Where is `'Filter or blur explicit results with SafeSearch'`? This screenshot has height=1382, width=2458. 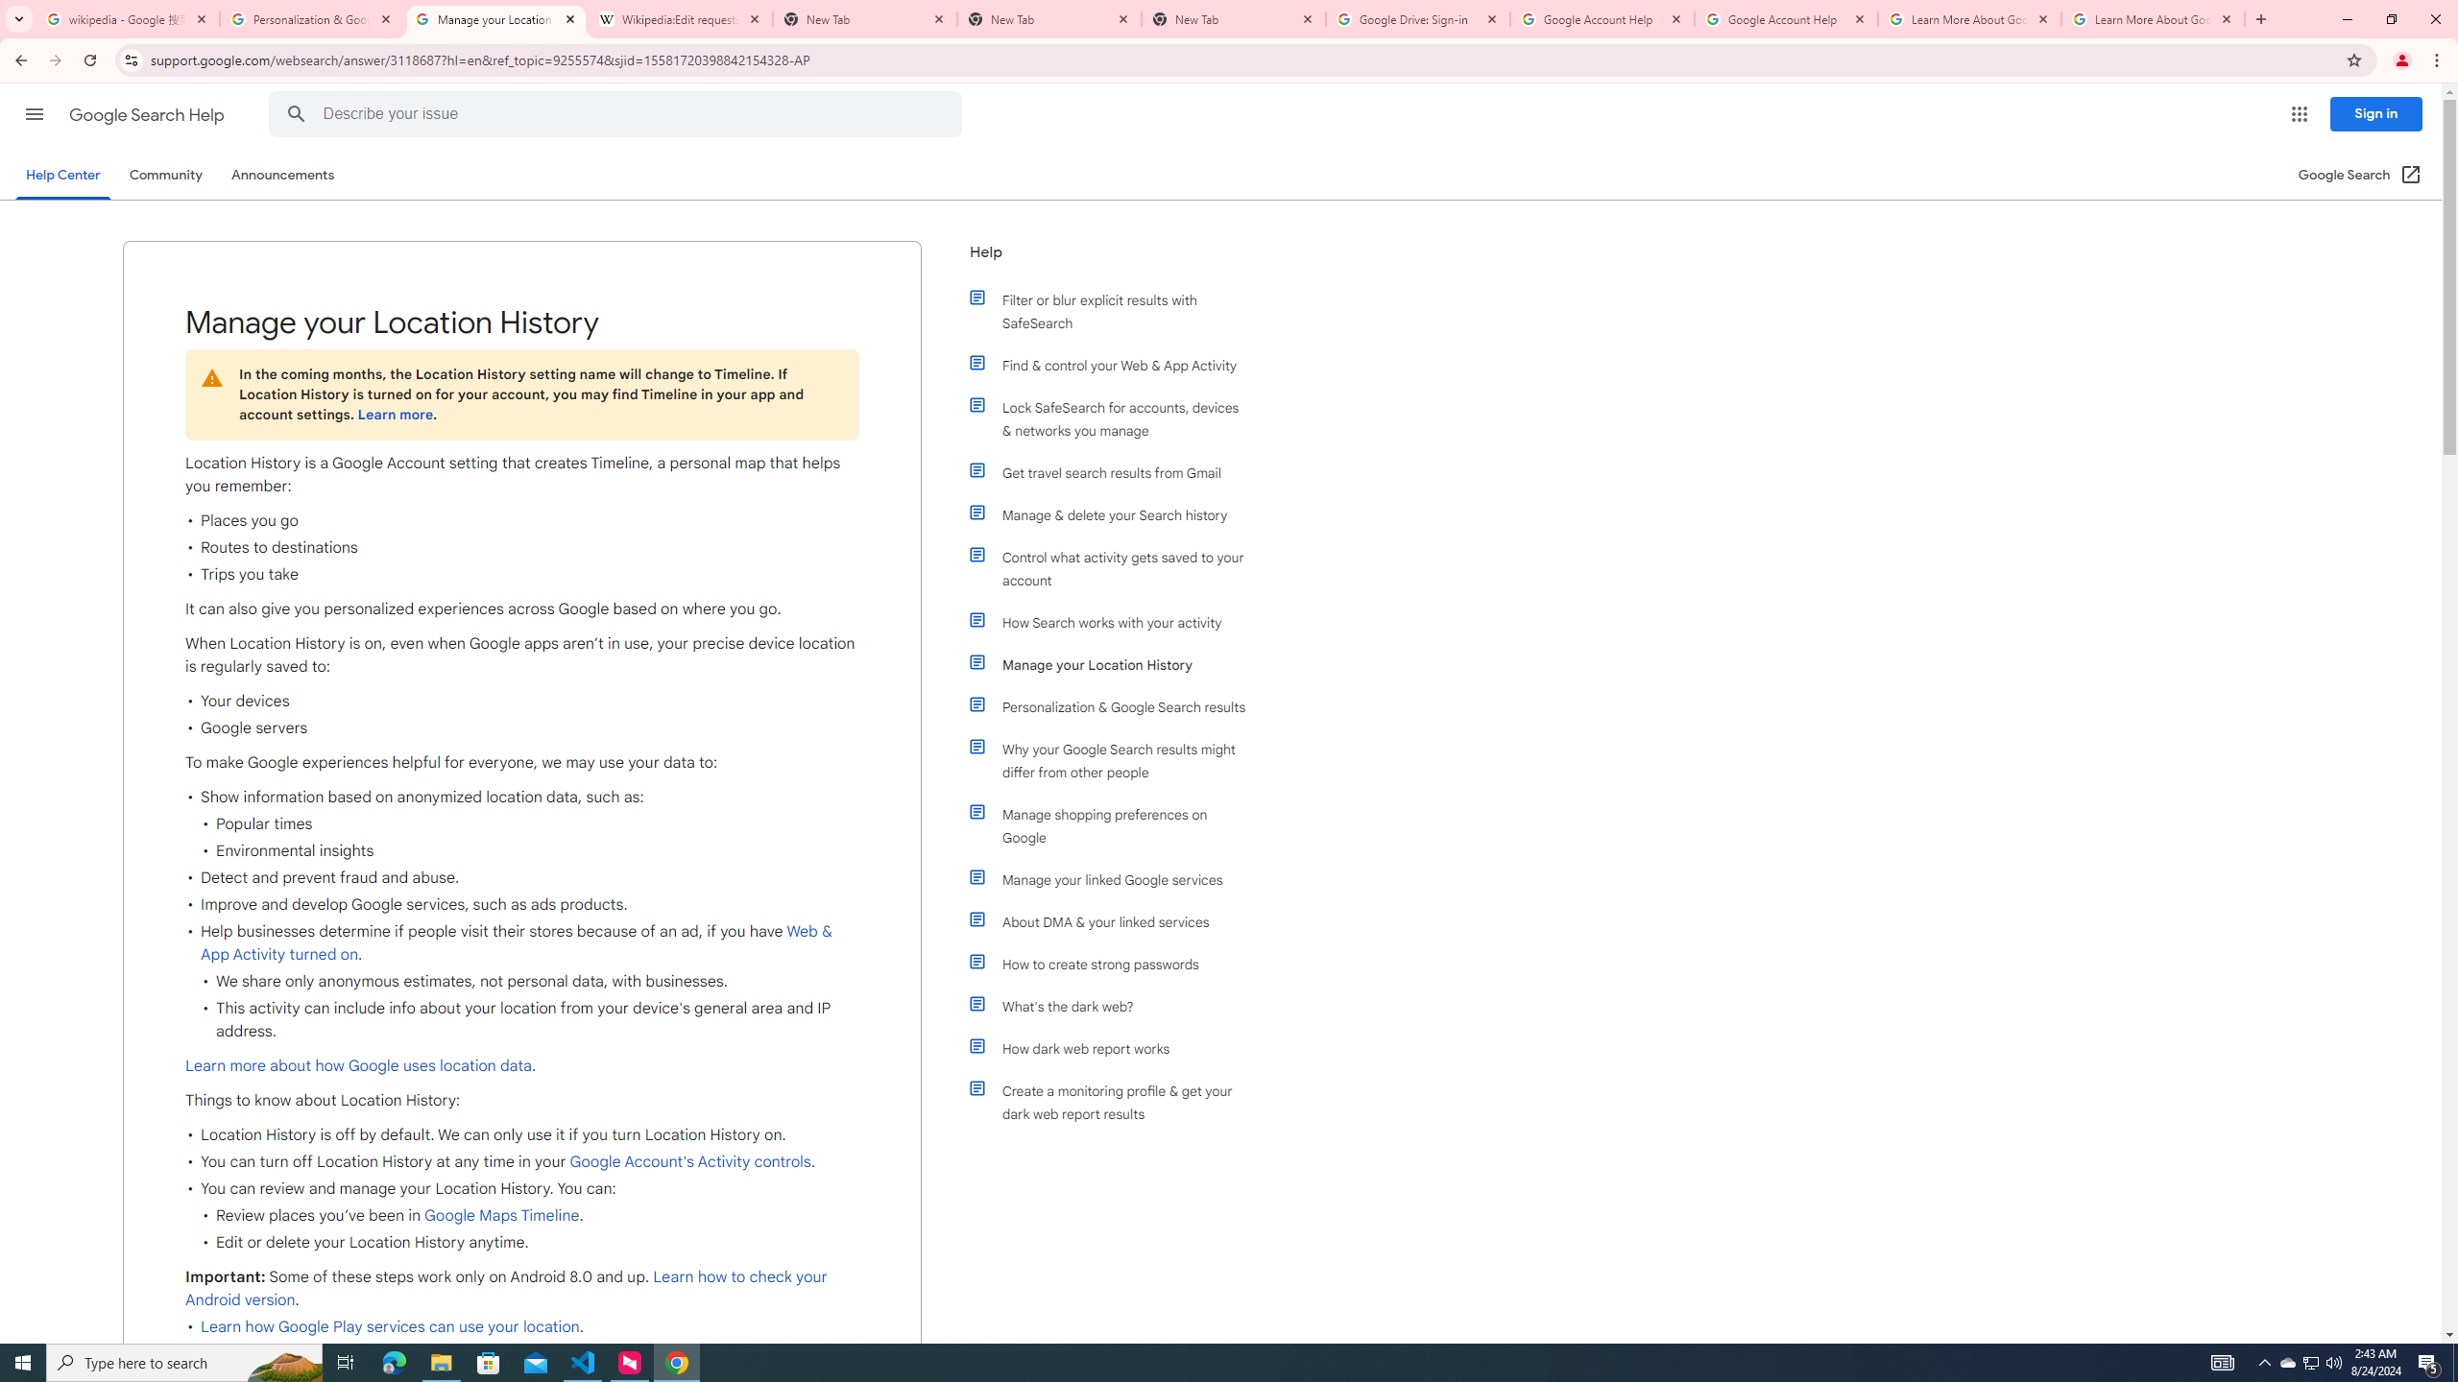
'Filter or blur explicit results with SafeSearch' is located at coordinates (1116, 310).